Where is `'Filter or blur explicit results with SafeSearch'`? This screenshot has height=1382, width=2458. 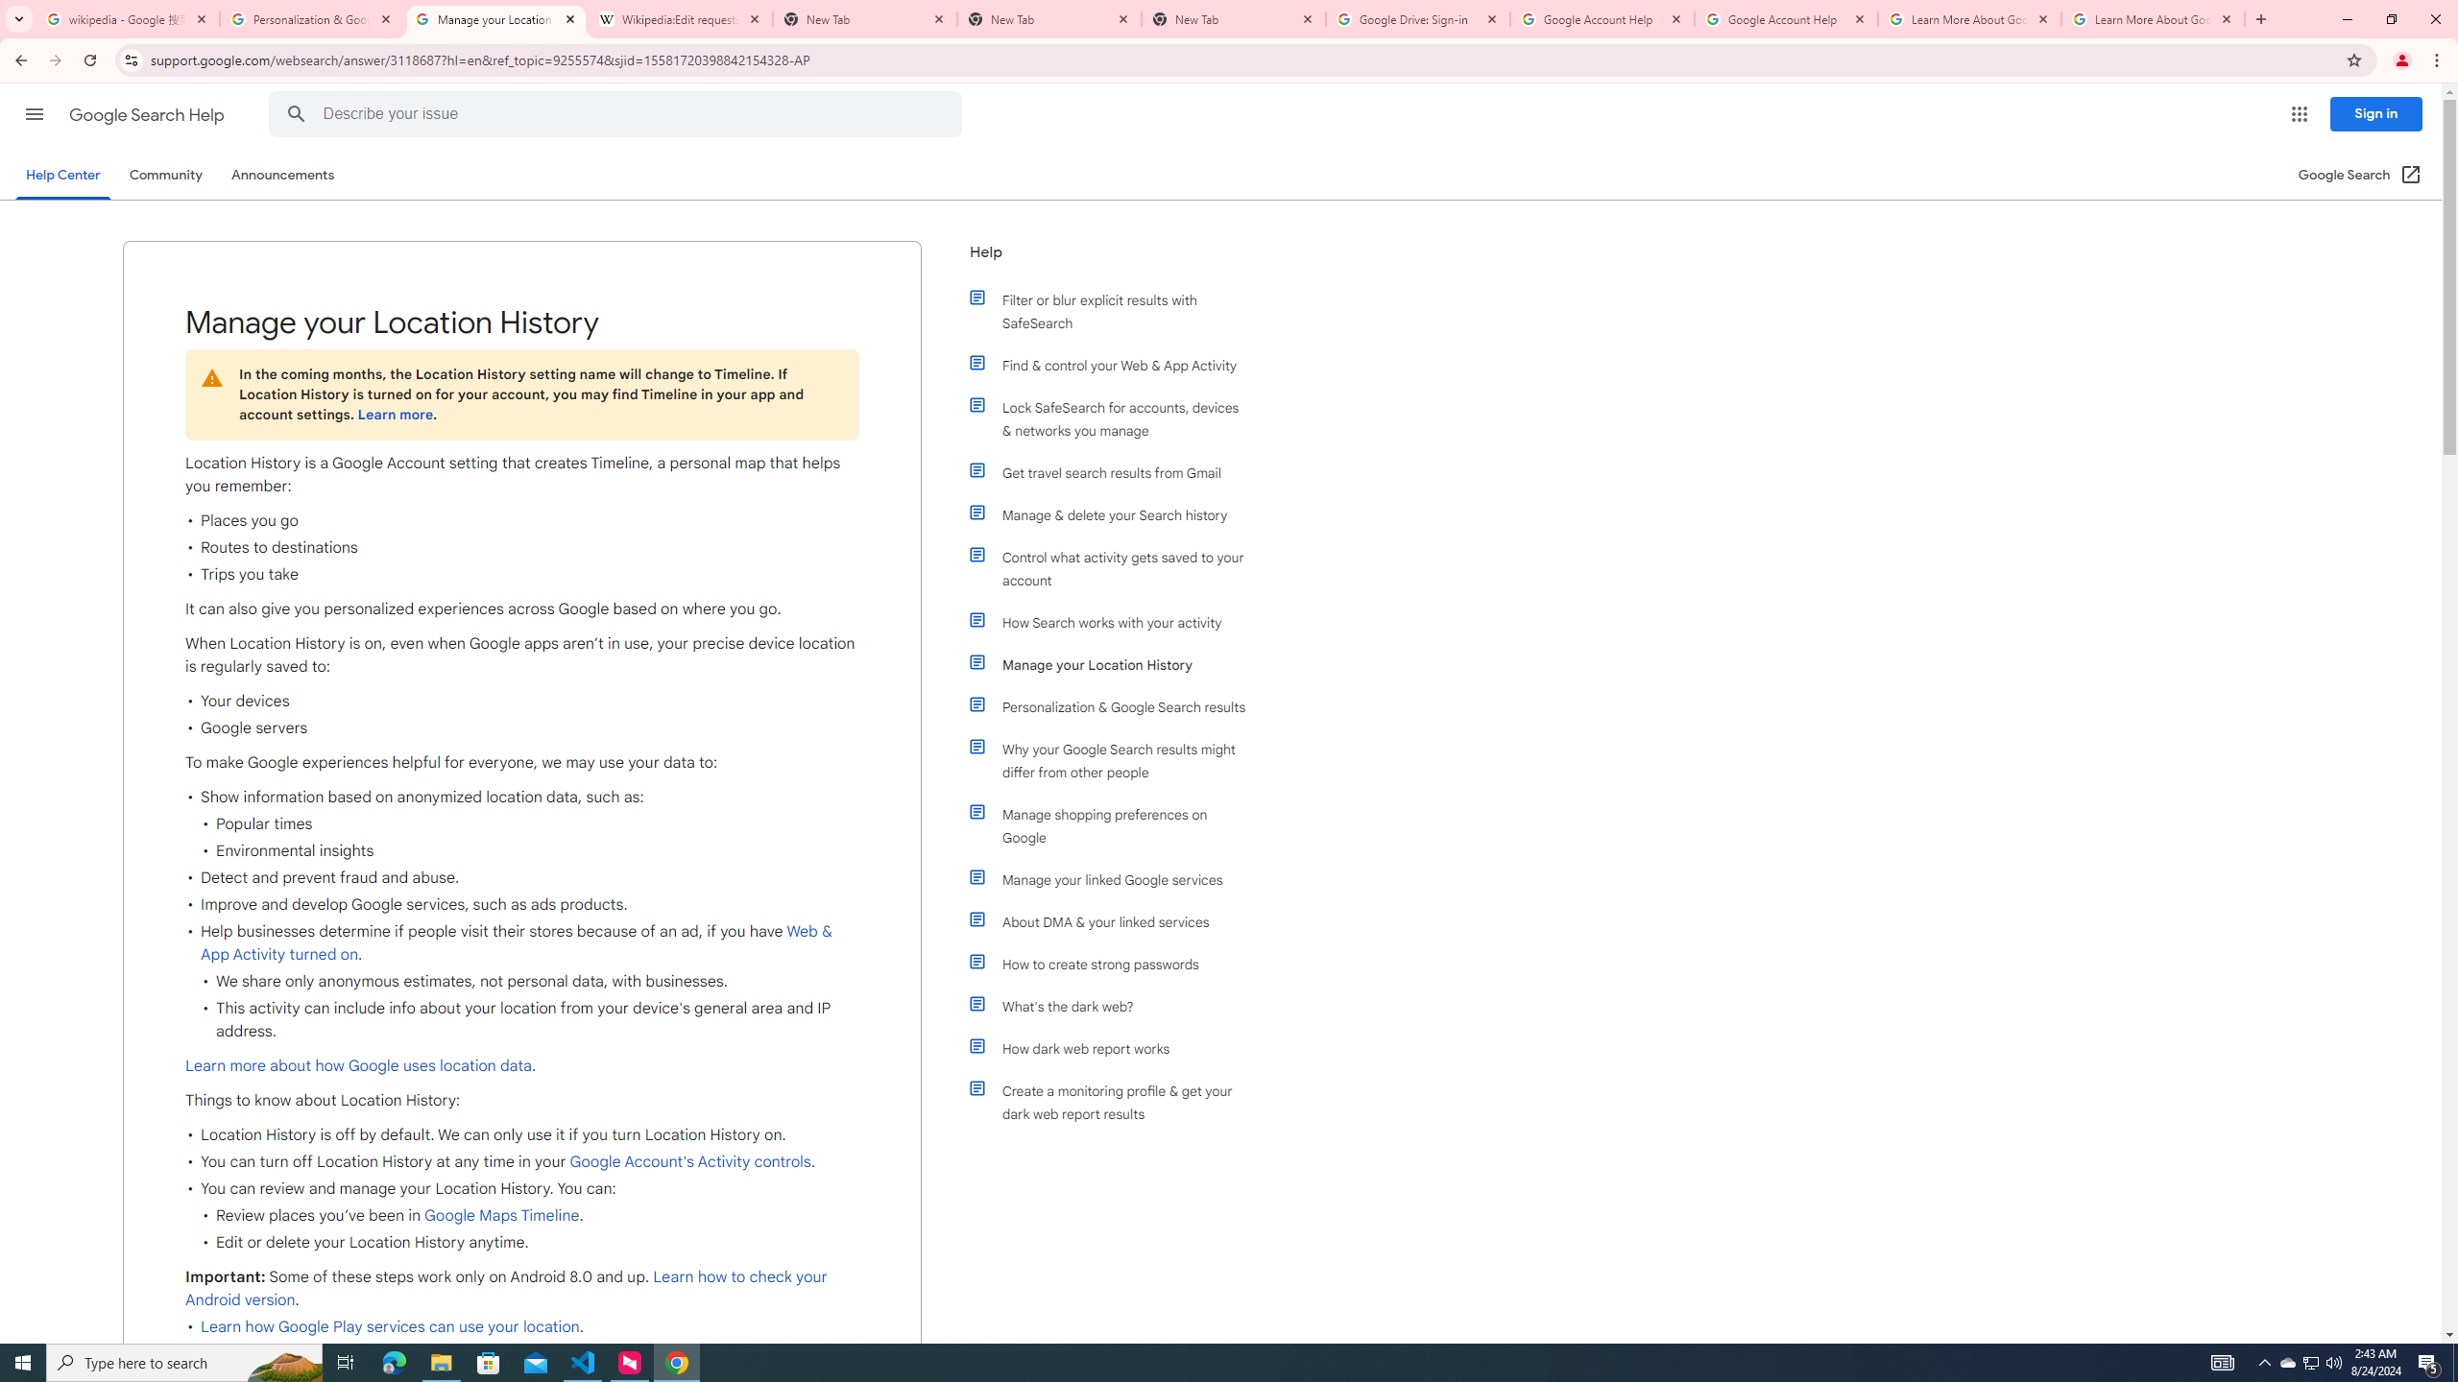
'Filter or blur explicit results with SafeSearch' is located at coordinates (1116, 310).